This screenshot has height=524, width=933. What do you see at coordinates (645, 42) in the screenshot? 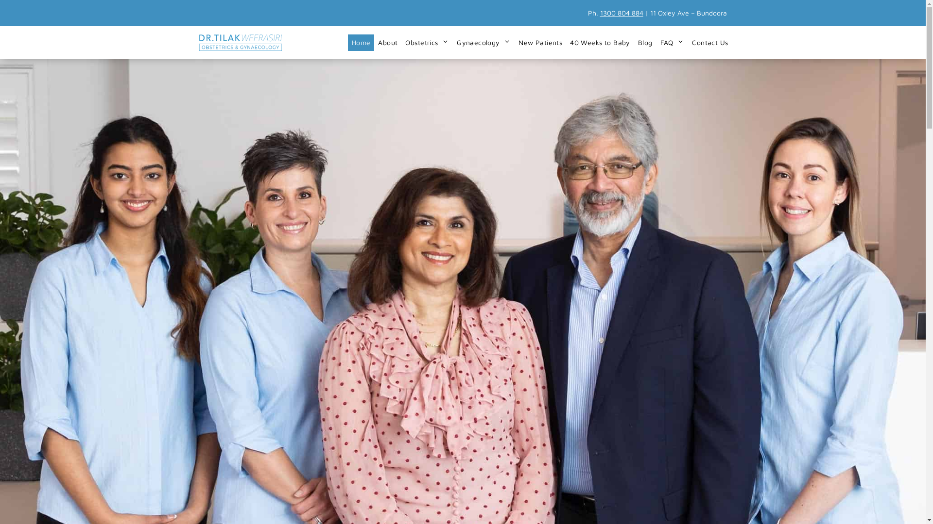
I see `'Blog'` at bounding box center [645, 42].